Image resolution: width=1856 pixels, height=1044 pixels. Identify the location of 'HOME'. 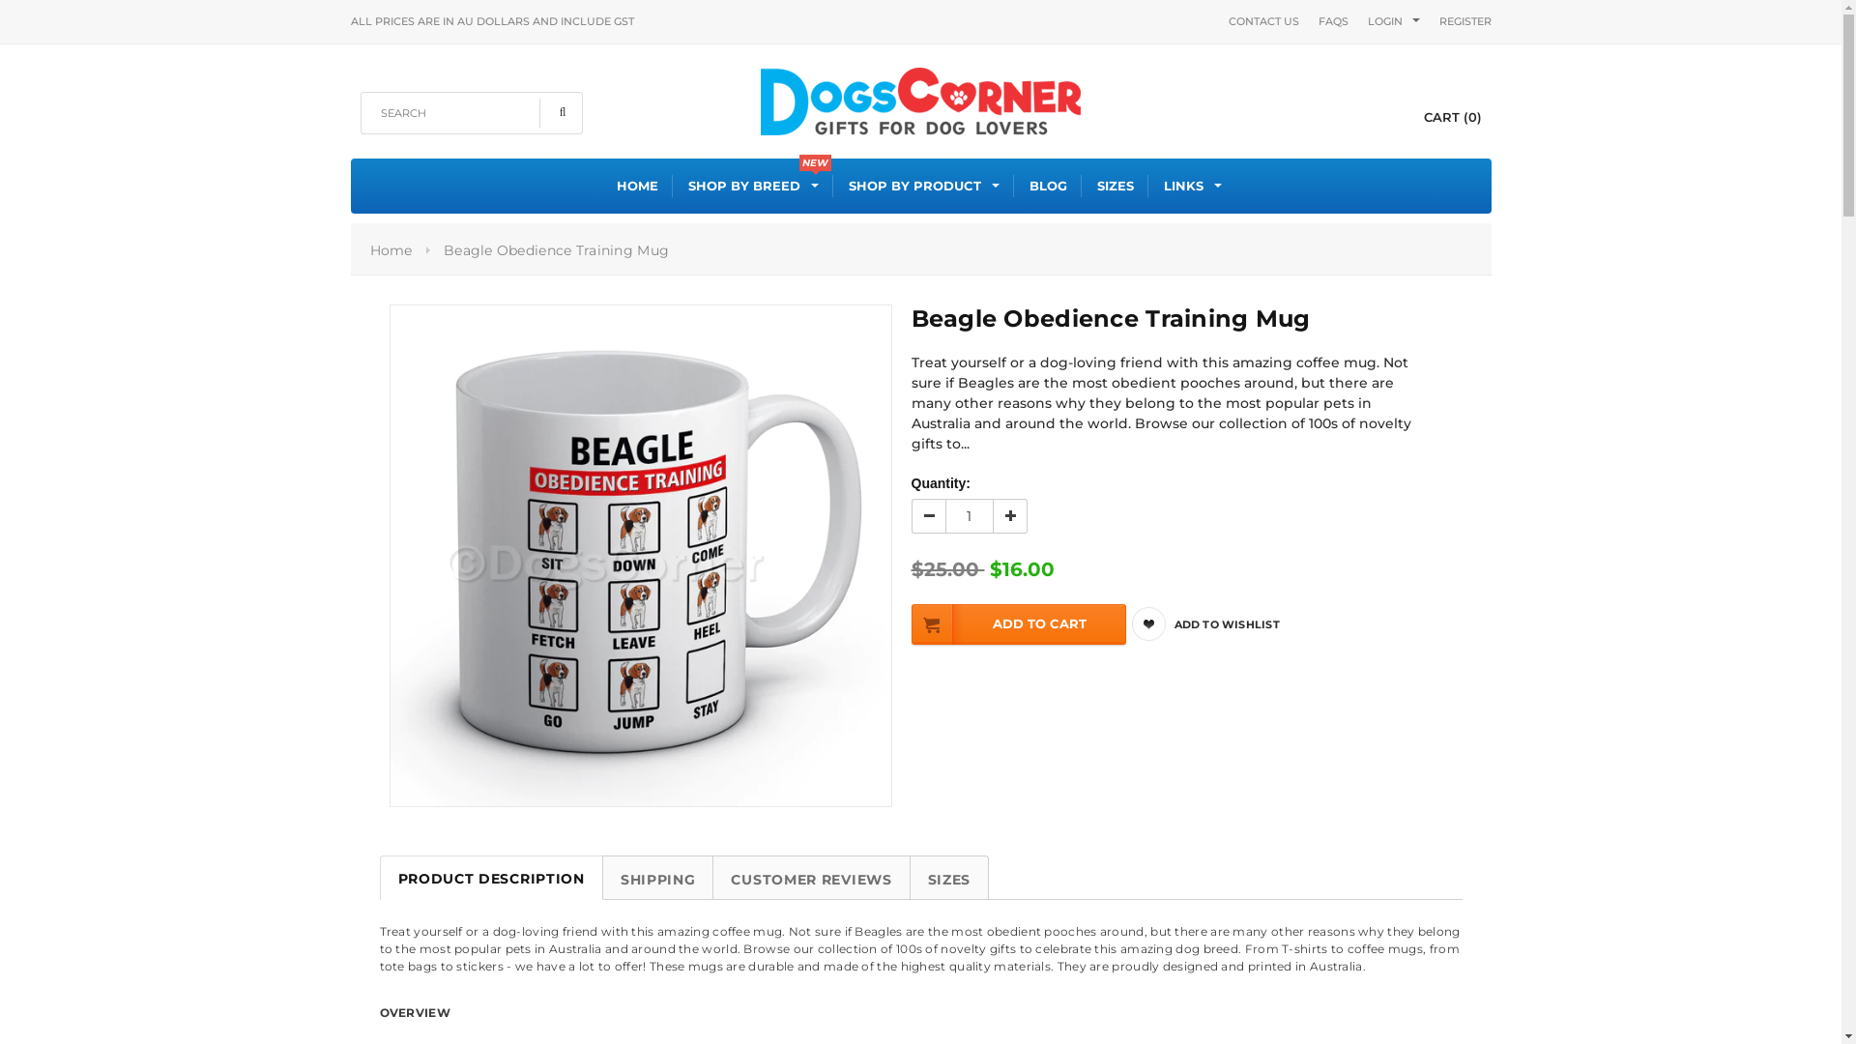
(637, 186).